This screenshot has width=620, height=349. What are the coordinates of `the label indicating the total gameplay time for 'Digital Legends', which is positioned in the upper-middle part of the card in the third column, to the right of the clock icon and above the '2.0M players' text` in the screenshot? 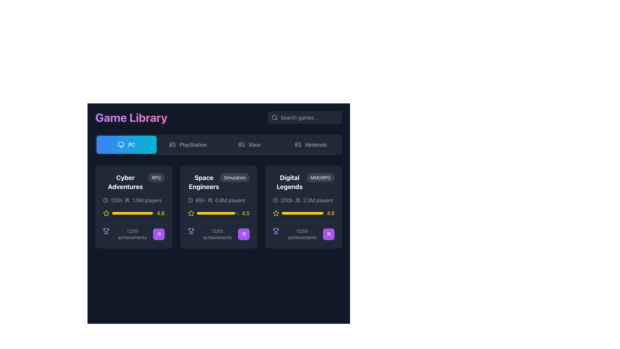 It's located at (286, 200).